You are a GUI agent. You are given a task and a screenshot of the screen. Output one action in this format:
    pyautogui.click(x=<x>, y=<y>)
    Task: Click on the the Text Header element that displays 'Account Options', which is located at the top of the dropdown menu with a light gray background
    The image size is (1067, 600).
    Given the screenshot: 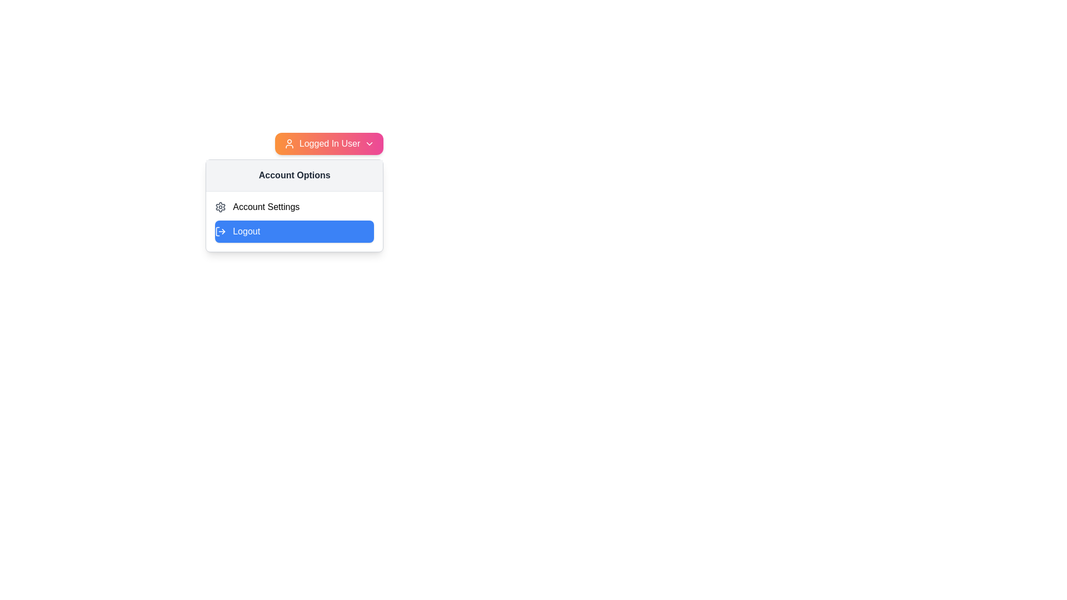 What is the action you would take?
    pyautogui.click(x=295, y=175)
    